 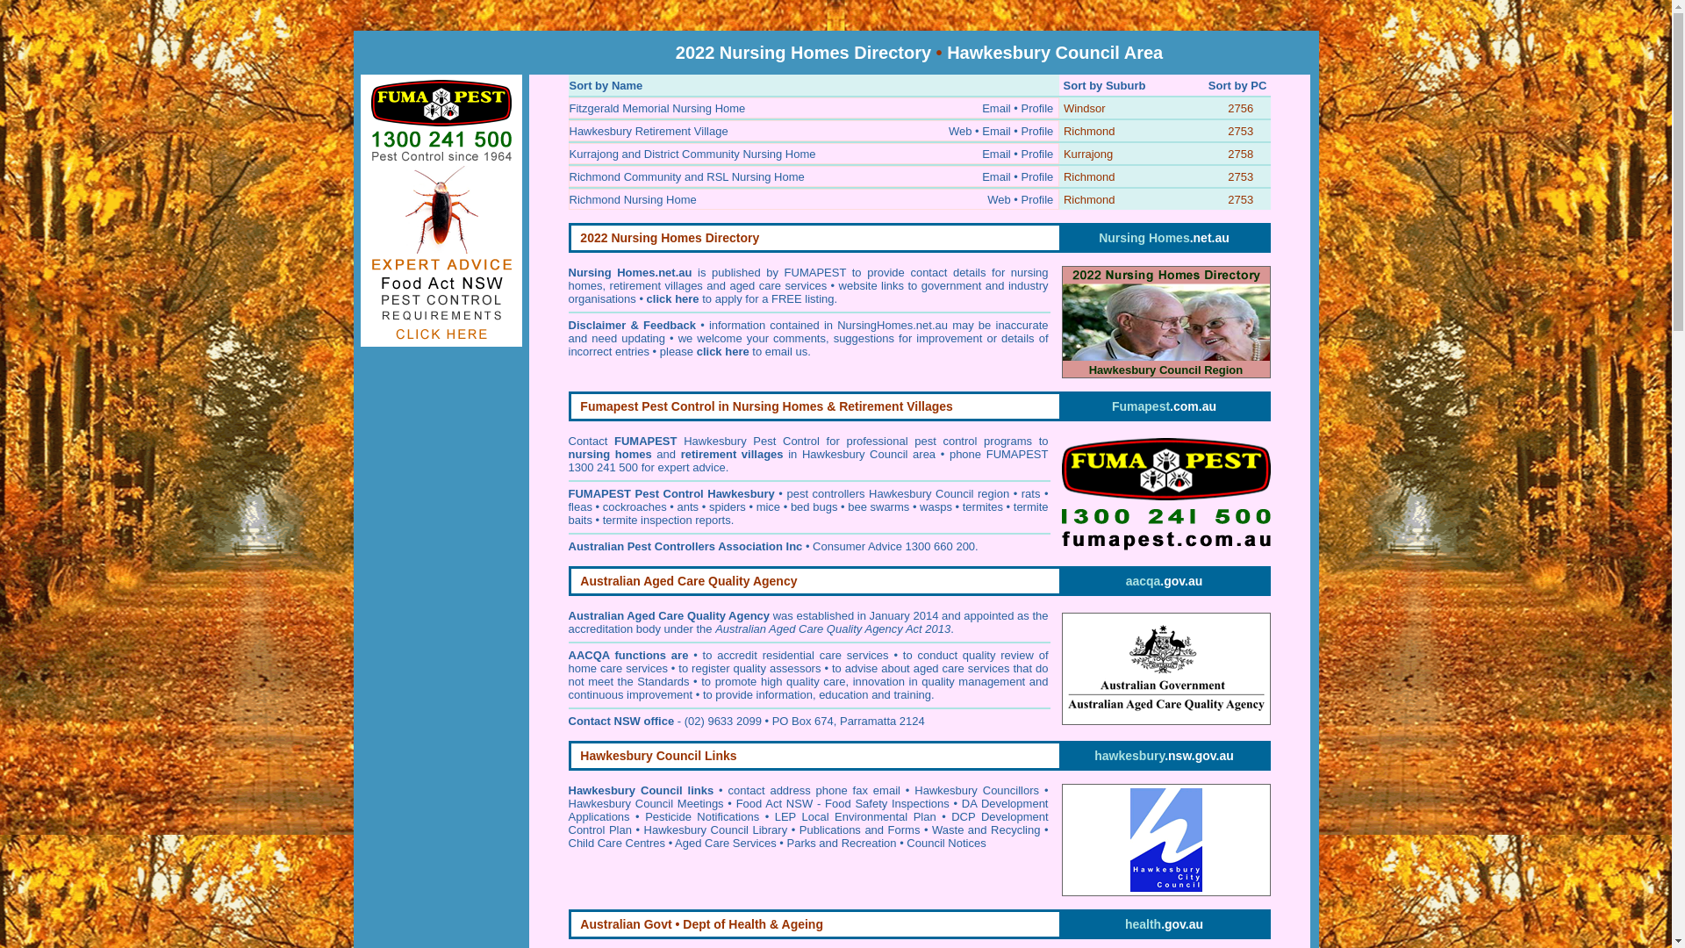 What do you see at coordinates (580, 506) in the screenshot?
I see `'fleas'` at bounding box center [580, 506].